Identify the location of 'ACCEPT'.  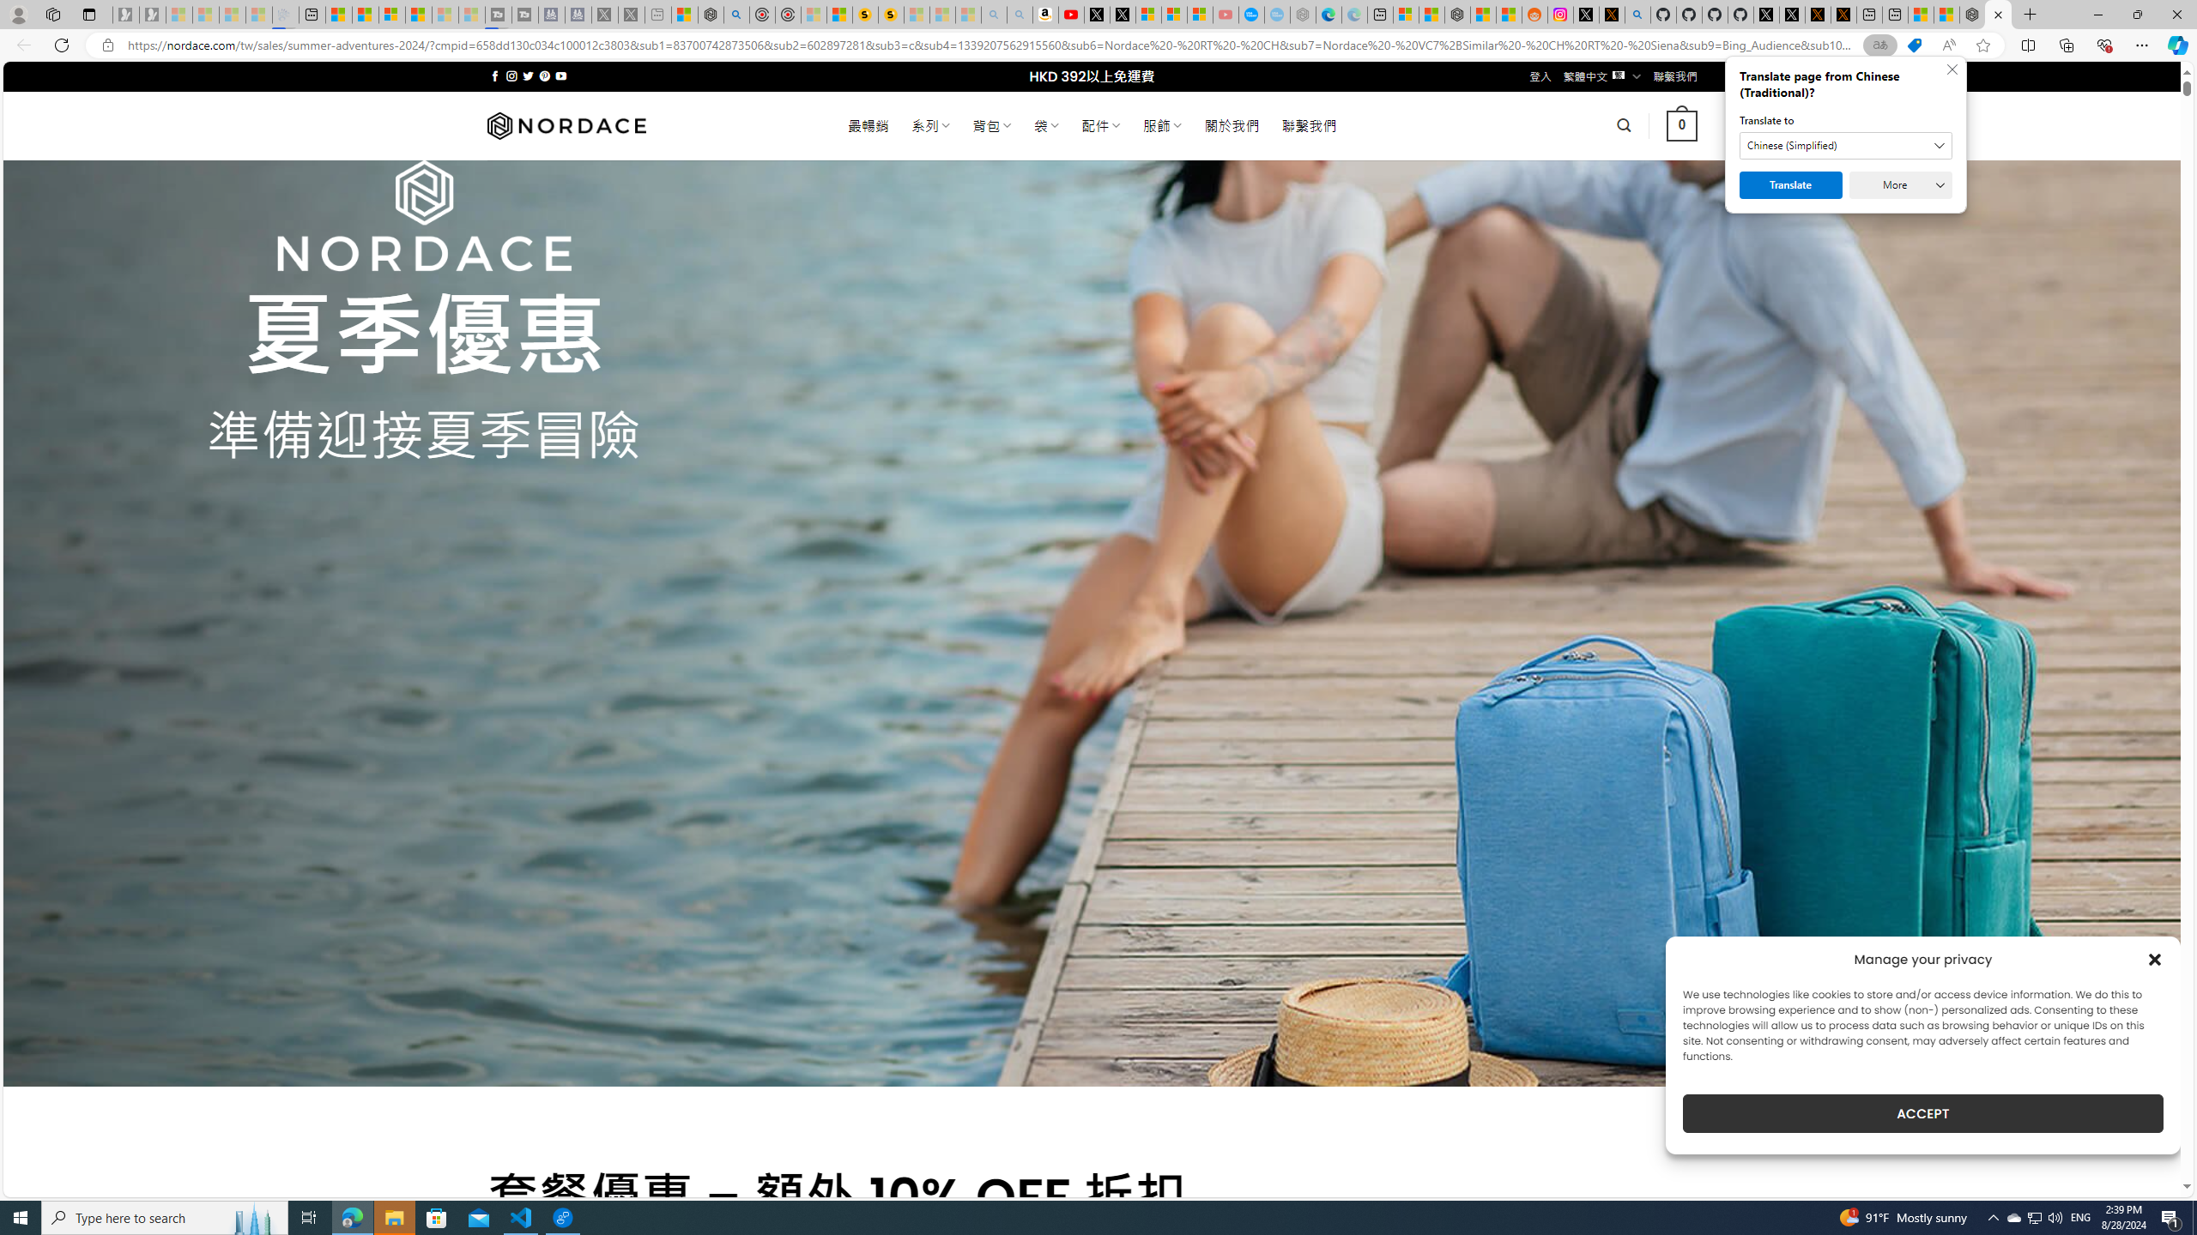
(1923, 1113).